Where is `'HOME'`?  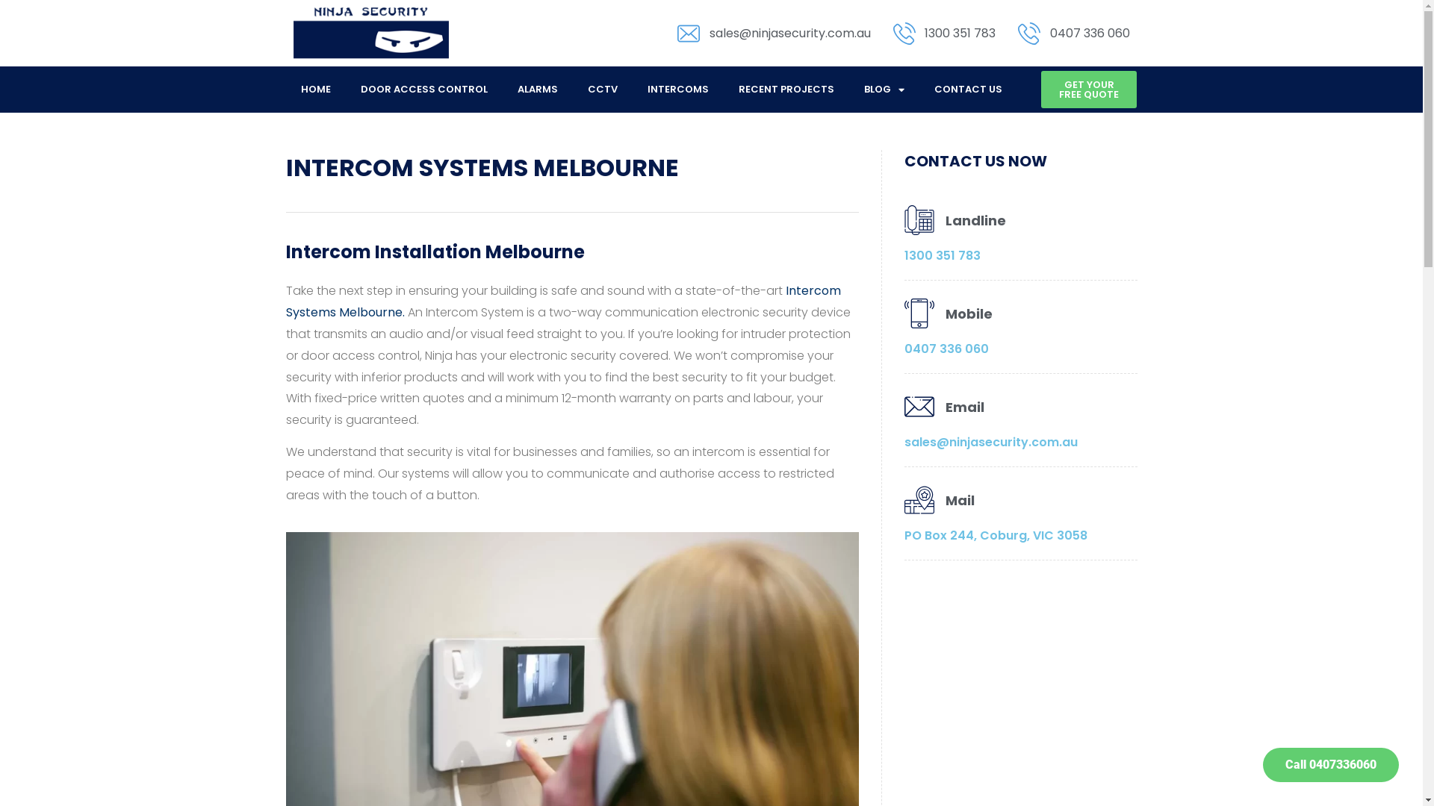 'HOME' is located at coordinates (314, 89).